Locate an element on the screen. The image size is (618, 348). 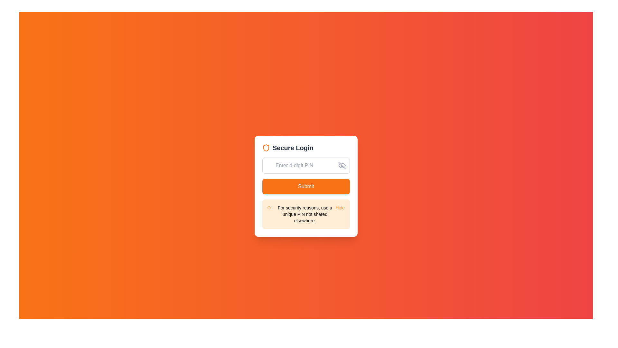
the submit button located in the central white card below the 4-digit PIN input field is located at coordinates (305, 186).